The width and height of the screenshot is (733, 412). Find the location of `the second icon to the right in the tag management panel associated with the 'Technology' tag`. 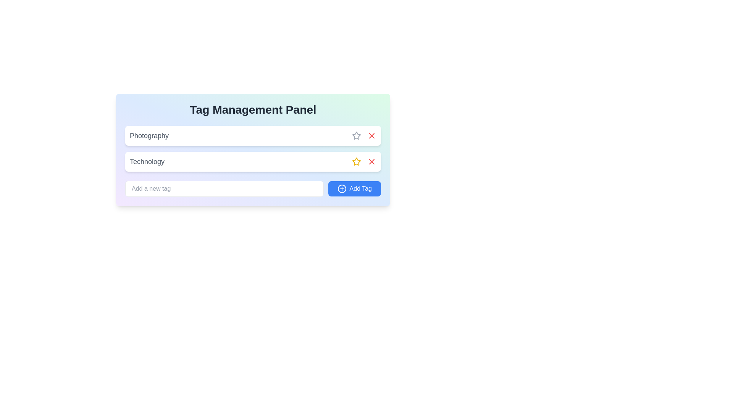

the second icon to the right in the tag management panel associated with the 'Technology' tag is located at coordinates (364, 161).